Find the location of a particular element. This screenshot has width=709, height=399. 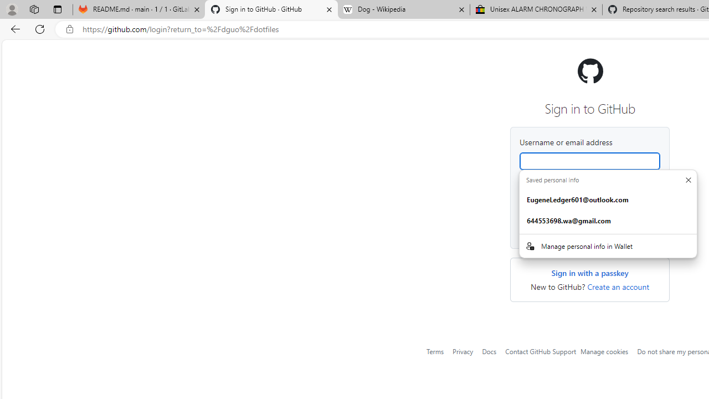

'Don' is located at coordinates (687, 180).